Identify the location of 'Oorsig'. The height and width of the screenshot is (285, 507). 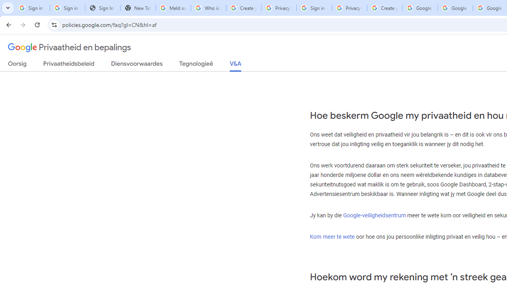
(17, 65).